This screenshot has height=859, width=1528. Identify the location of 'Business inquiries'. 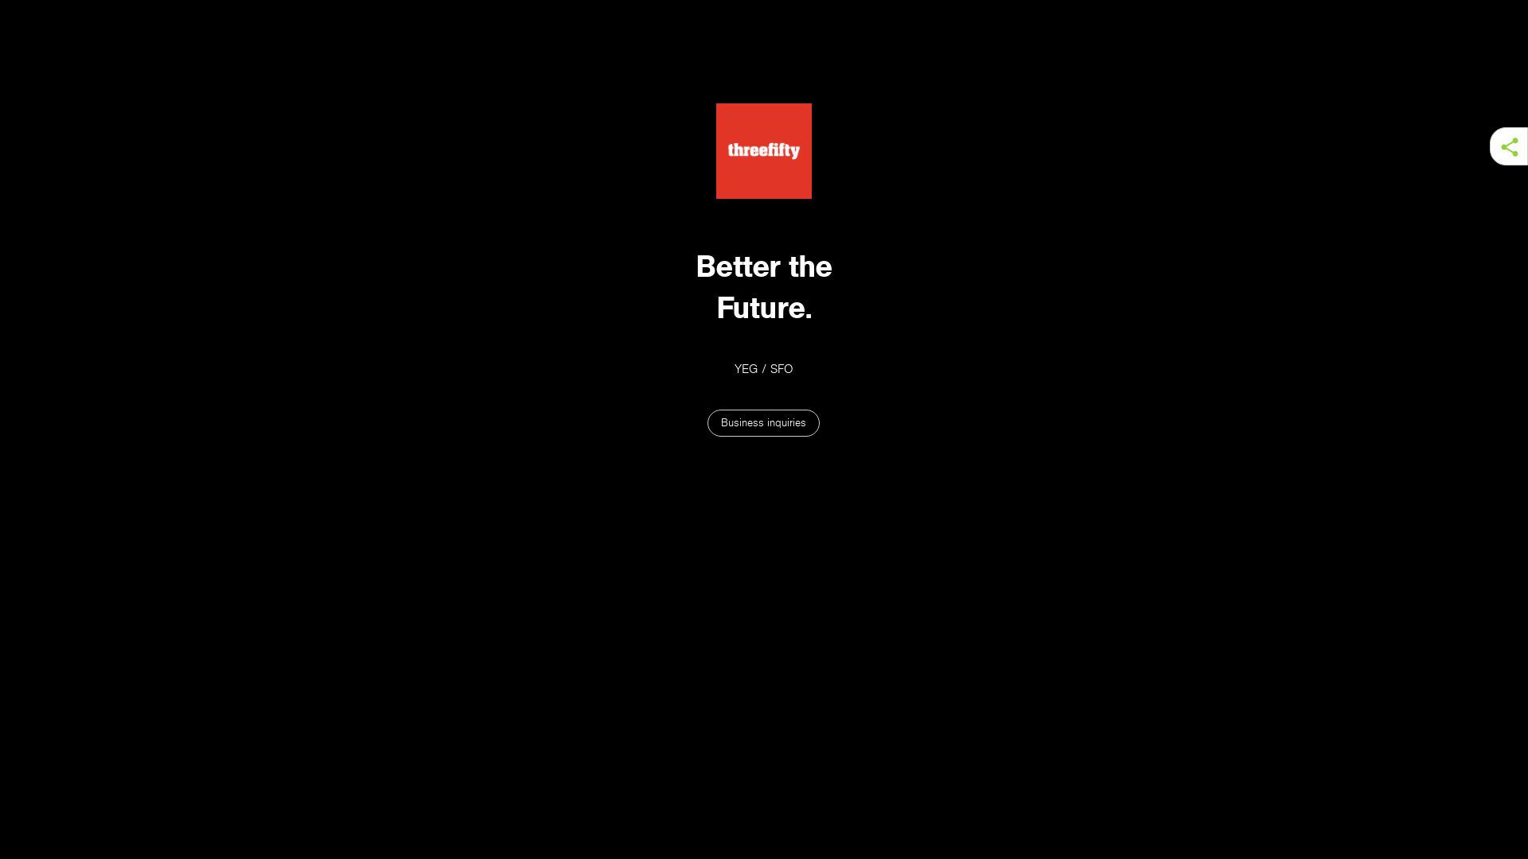
(762, 422).